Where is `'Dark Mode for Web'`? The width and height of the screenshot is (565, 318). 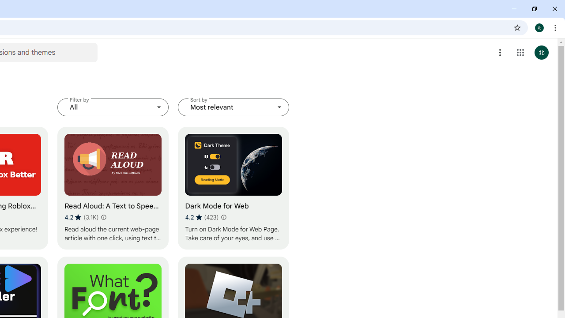
'Dark Mode for Web' is located at coordinates (234, 188).